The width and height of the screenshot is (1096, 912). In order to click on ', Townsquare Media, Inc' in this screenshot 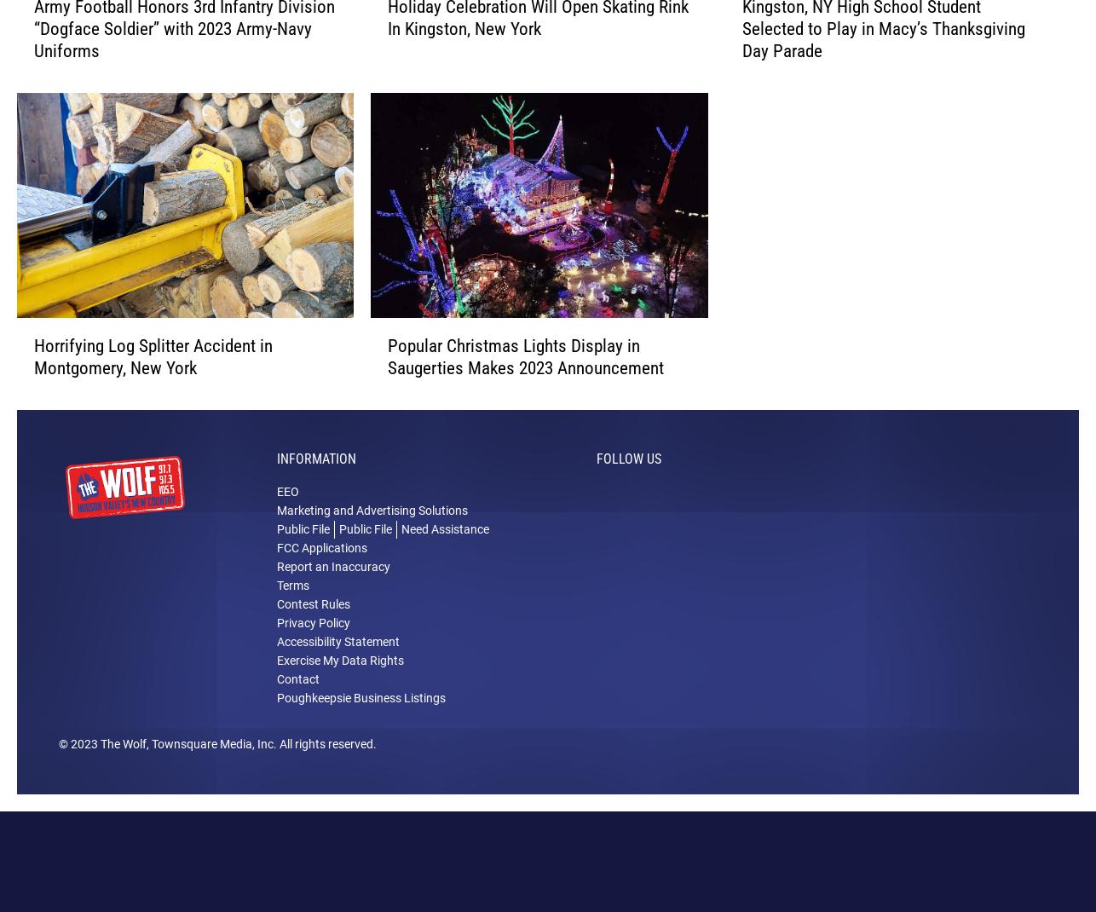, I will do `click(210, 770)`.